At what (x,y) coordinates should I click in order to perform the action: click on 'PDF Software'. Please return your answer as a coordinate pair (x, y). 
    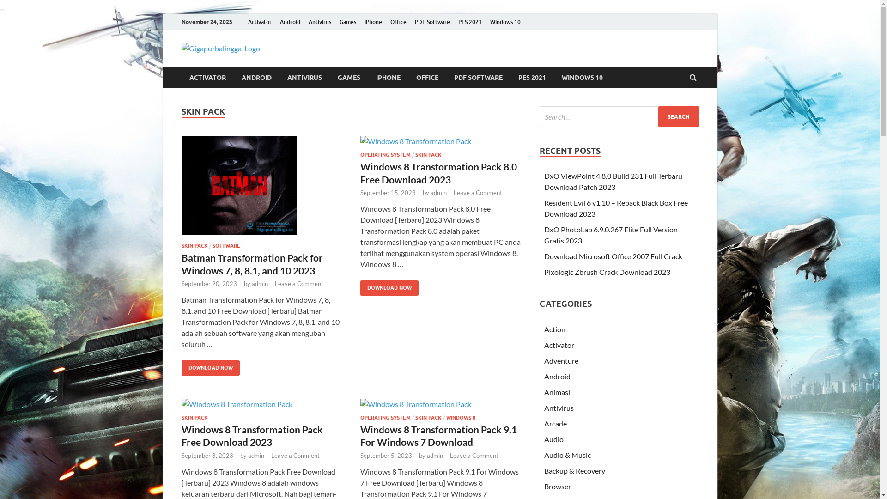
    Looking at the image, I should click on (410, 21).